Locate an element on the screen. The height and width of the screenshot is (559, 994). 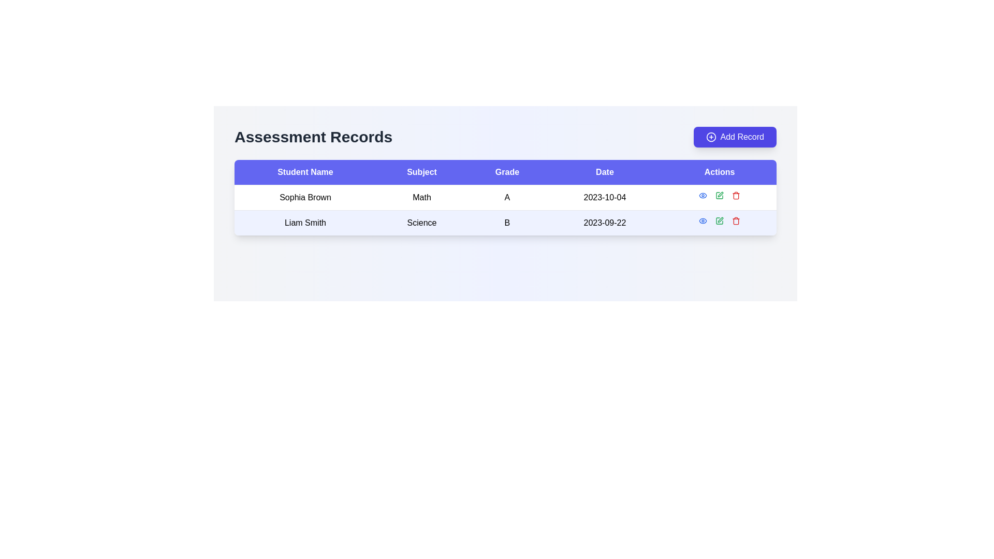
the central portion of the trash bin icon in the 'Actions' column of the second row is located at coordinates (736, 196).